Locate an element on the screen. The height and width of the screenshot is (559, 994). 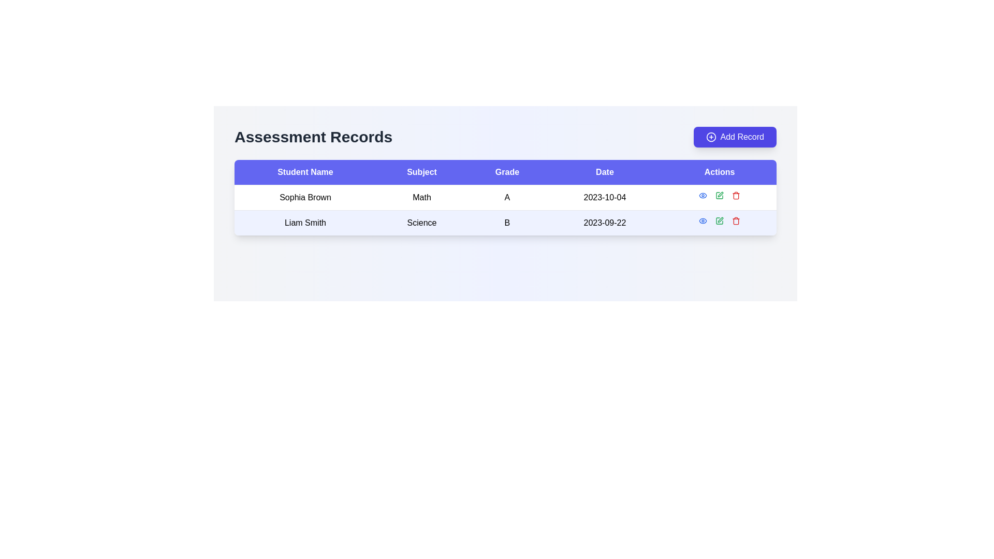
the central portion of the trash bin icon in the 'Actions' column of the second row is located at coordinates (736, 196).